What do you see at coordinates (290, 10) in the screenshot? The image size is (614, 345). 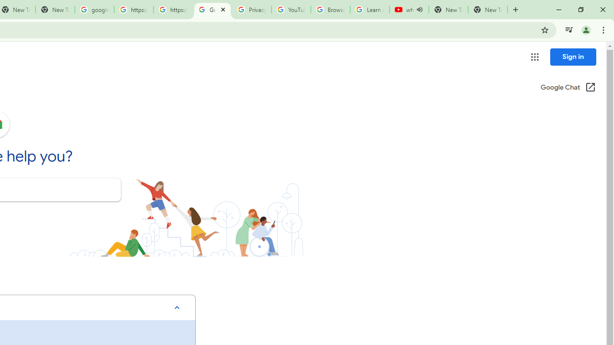 I see `'YouTube'` at bounding box center [290, 10].